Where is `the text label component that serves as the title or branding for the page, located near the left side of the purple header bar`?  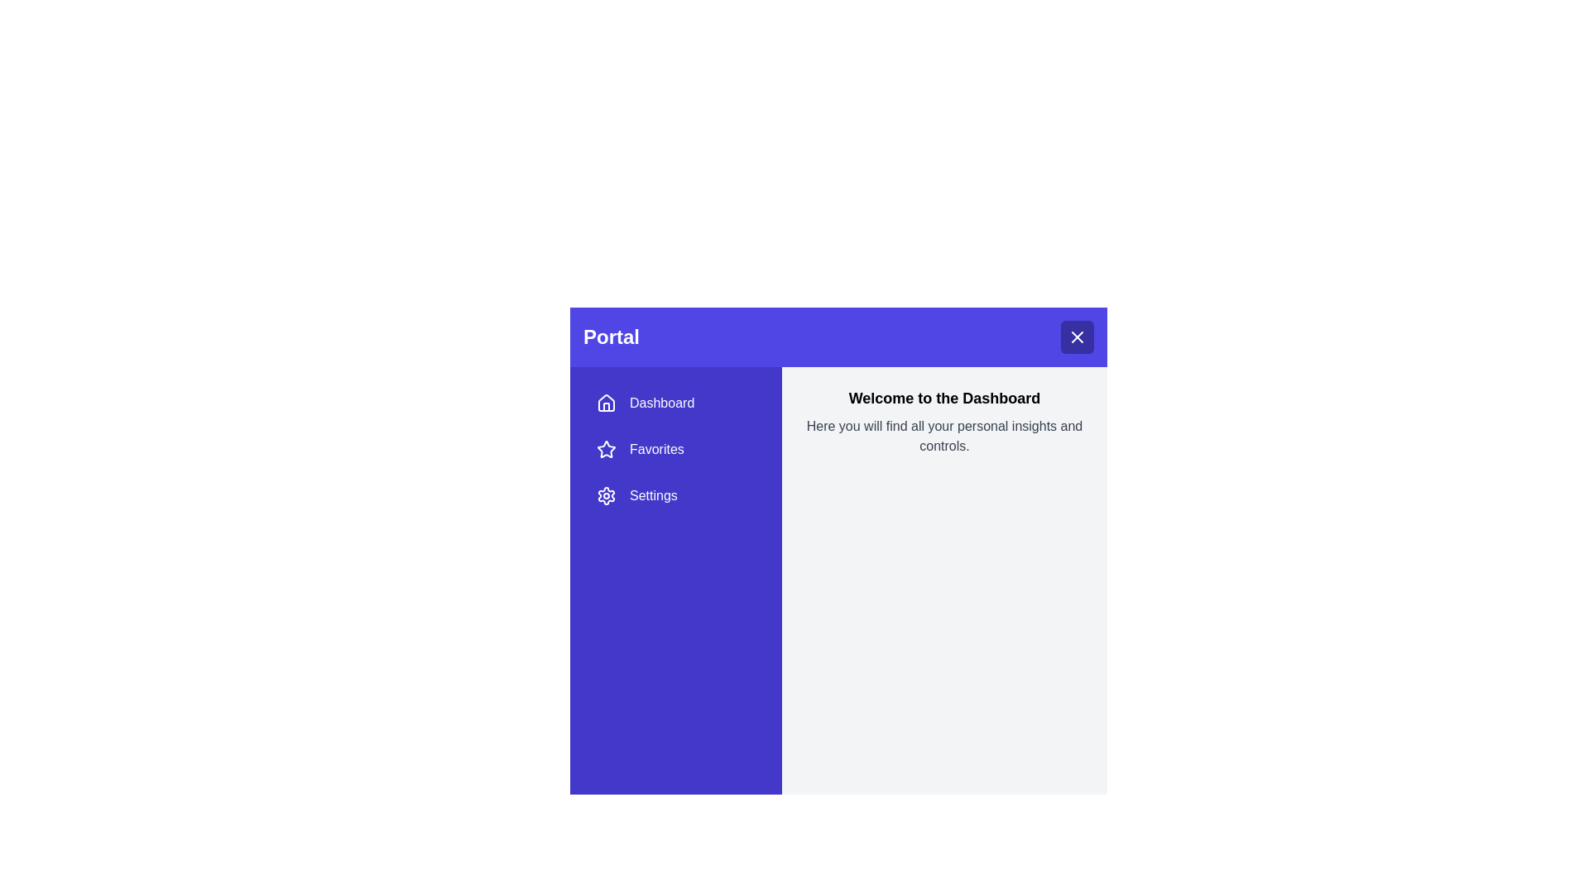
the text label component that serves as the title or branding for the page, located near the left side of the purple header bar is located at coordinates (611, 337).